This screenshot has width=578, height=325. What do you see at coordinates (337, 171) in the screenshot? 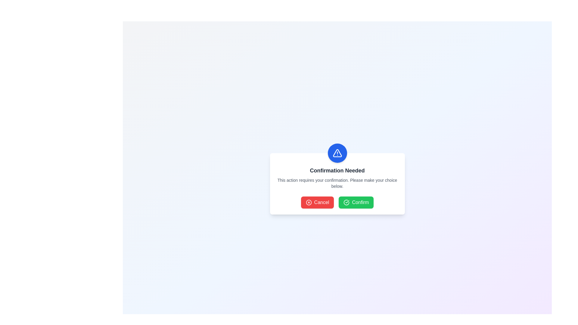
I see `the text header element labeled 'Confirmation Needed', which is bold and dark gray, centrally aligned within the dialog box` at bounding box center [337, 171].